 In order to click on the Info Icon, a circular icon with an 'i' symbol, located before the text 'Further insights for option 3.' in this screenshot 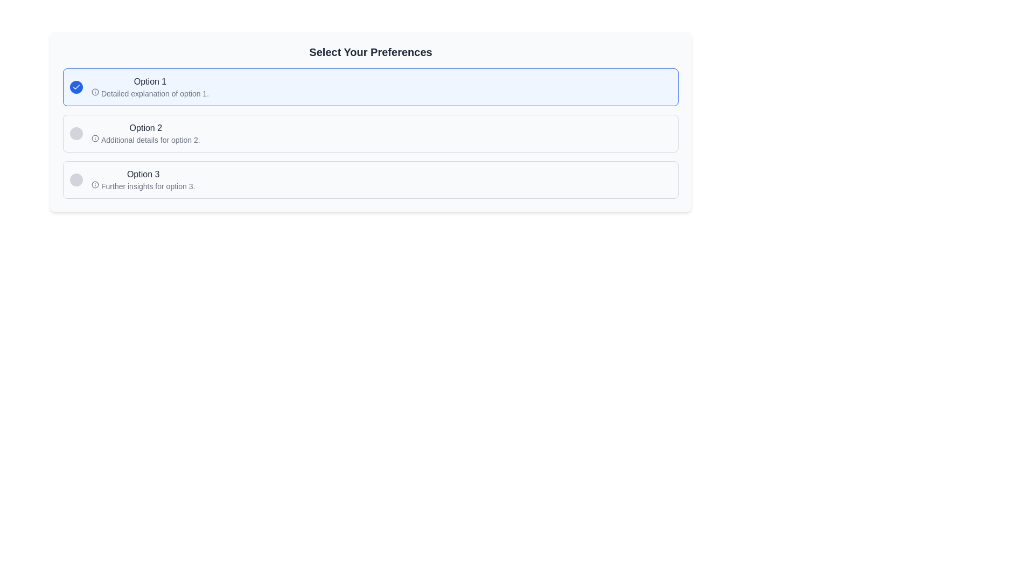, I will do `click(95, 184)`.